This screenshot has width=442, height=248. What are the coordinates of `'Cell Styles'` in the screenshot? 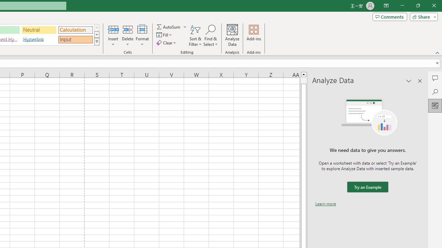 It's located at (96, 41).